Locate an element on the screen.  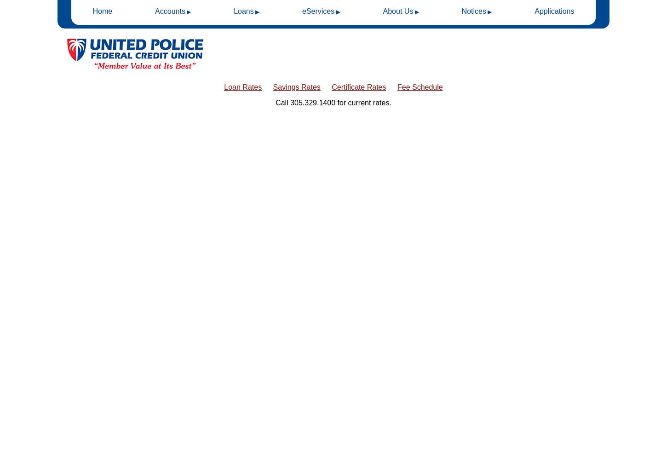
'About Us' is located at coordinates (397, 11).